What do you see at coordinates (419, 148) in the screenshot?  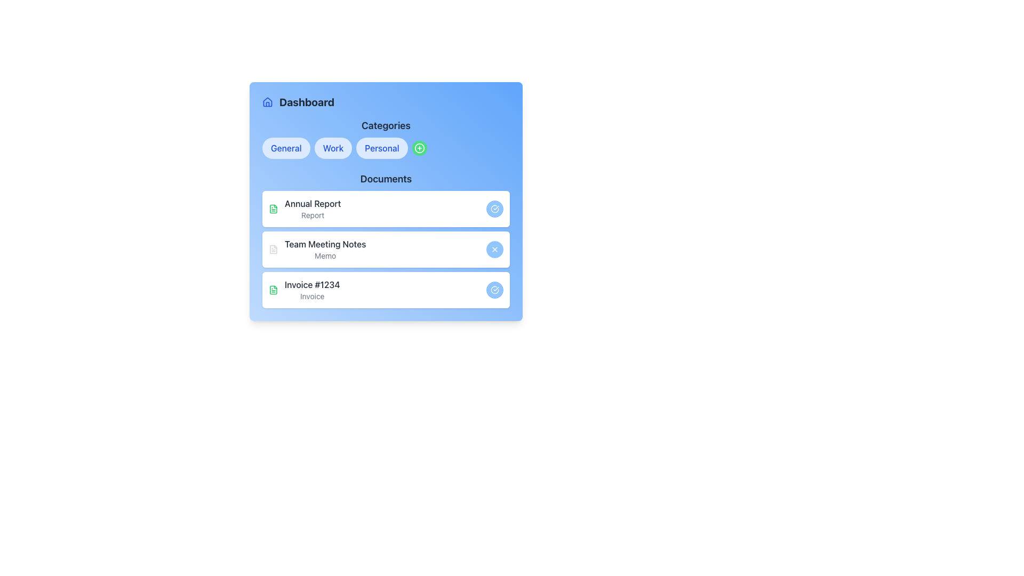 I see `the circular icon with a green stroke and white background that contains a plus symbol, located to the right of the 'Personal' category button in the category selection section` at bounding box center [419, 148].